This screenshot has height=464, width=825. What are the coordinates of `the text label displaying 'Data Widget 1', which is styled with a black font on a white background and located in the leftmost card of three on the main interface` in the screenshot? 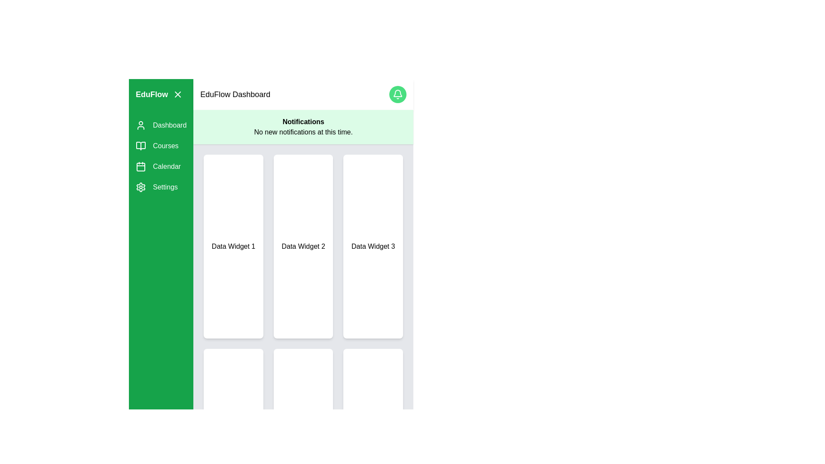 It's located at (233, 247).